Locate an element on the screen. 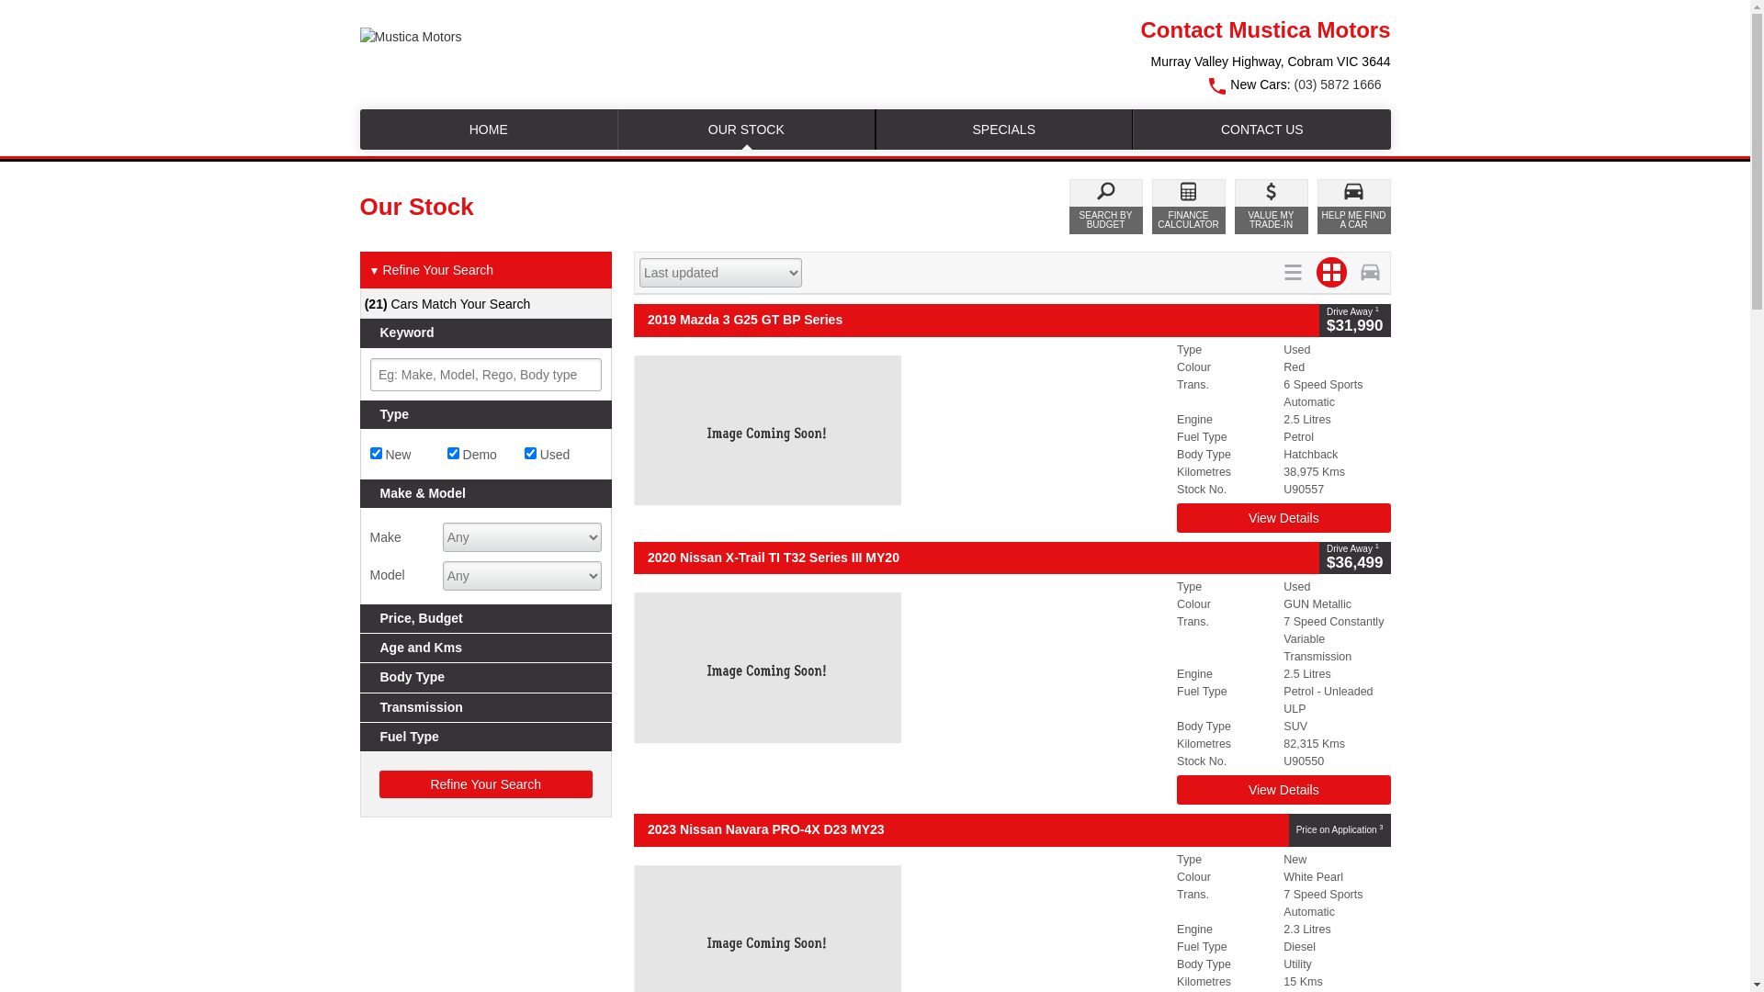 This screenshot has width=1764, height=992. 'Drive Away 1 is located at coordinates (1317, 557).